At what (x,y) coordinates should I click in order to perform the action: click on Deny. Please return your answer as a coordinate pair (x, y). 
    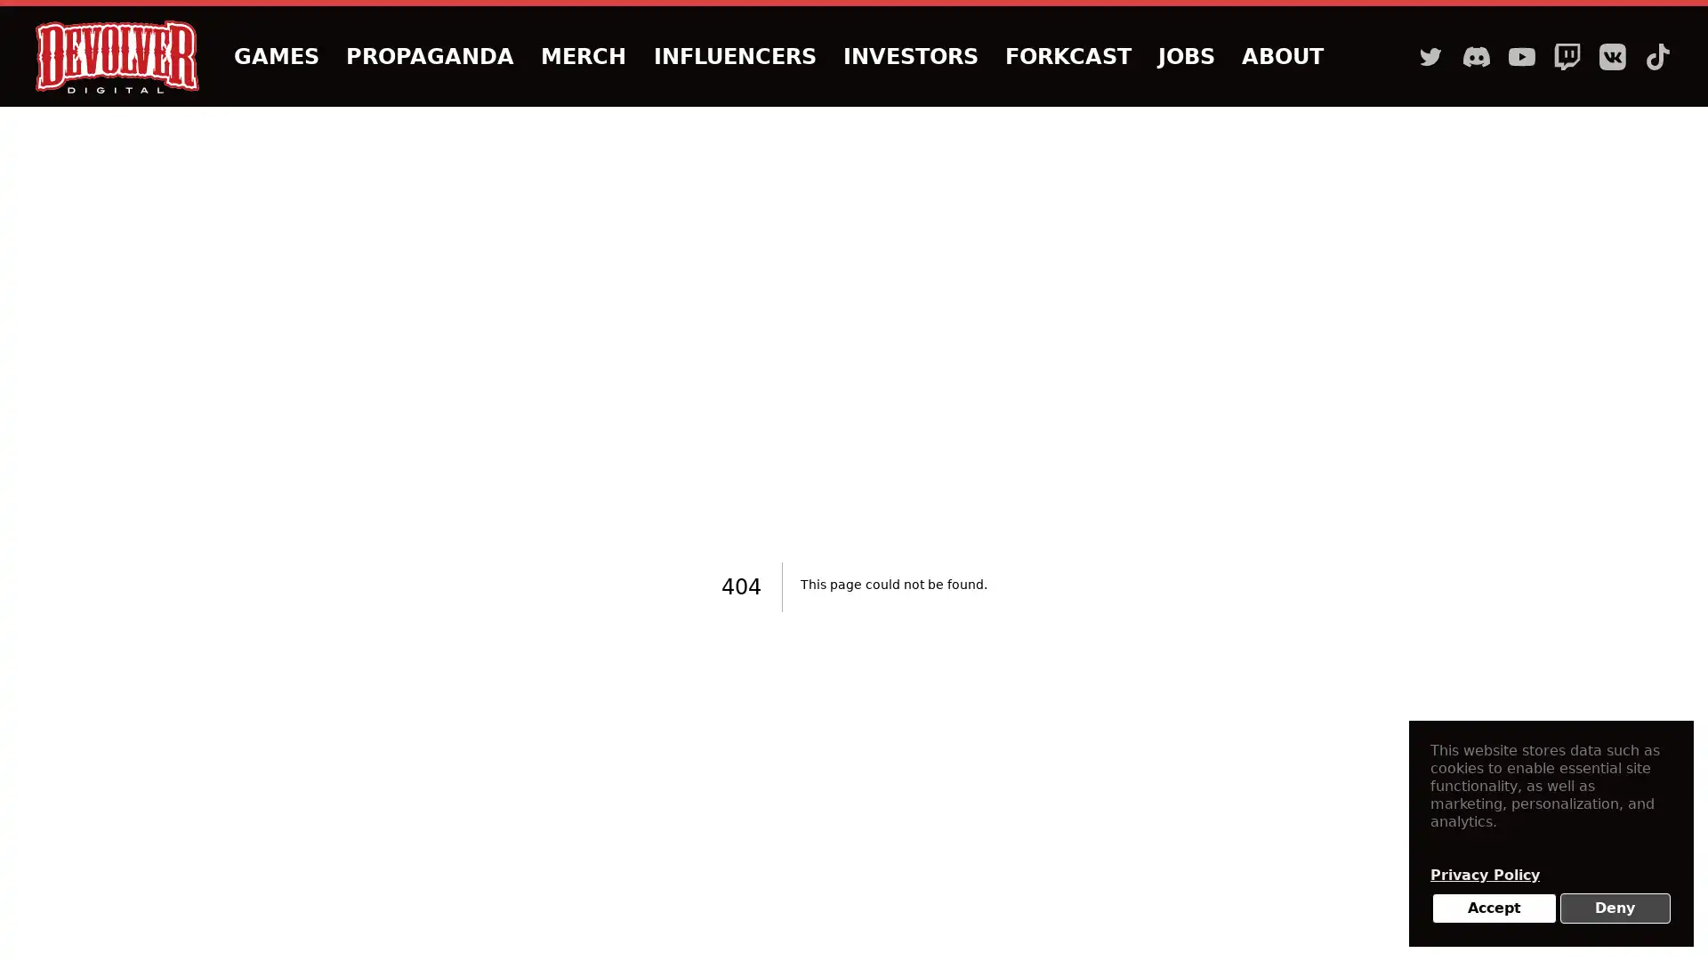
    Looking at the image, I should click on (1615, 909).